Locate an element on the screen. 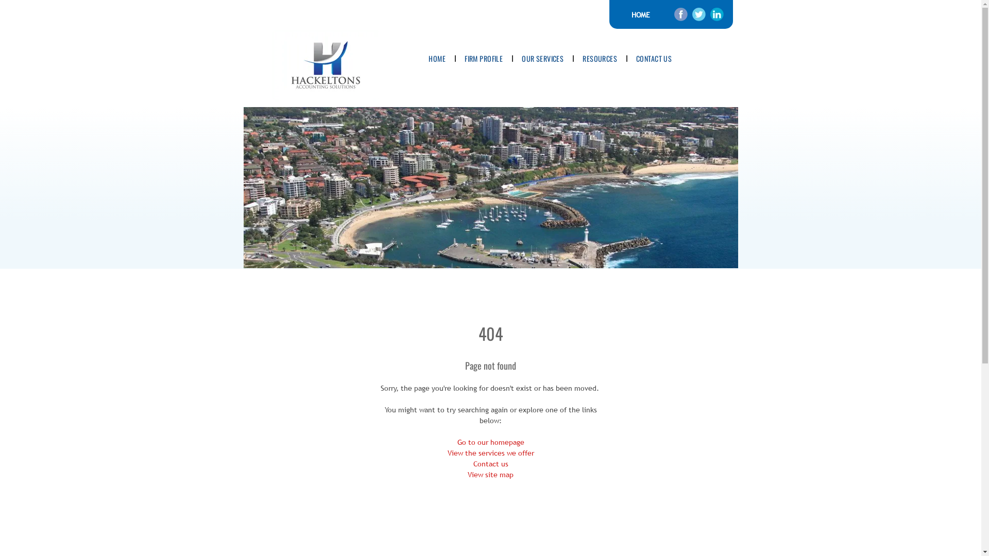 This screenshot has width=989, height=556. 'OUR SERVICES' is located at coordinates (542, 58).